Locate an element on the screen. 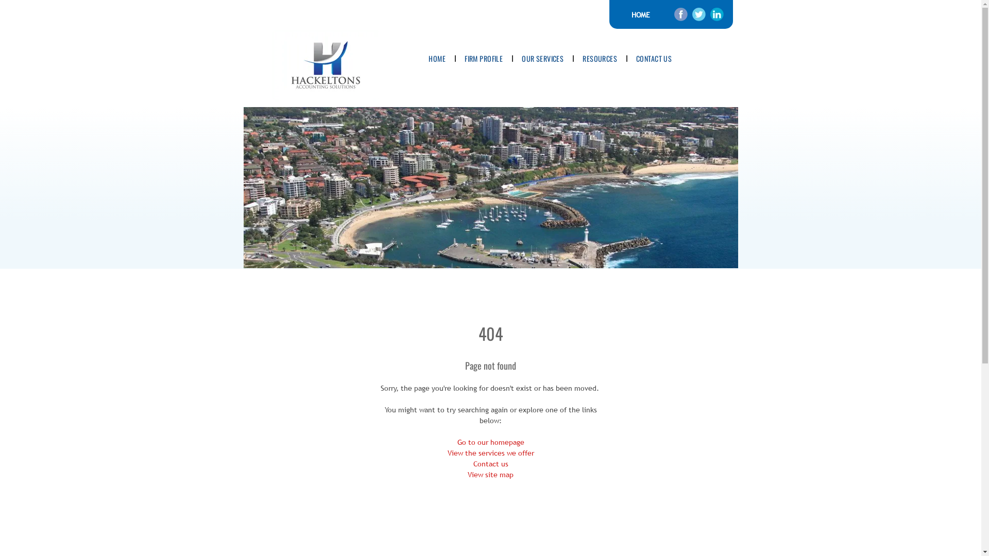 This screenshot has width=989, height=556. 'OUR SERVICES' is located at coordinates (542, 58).